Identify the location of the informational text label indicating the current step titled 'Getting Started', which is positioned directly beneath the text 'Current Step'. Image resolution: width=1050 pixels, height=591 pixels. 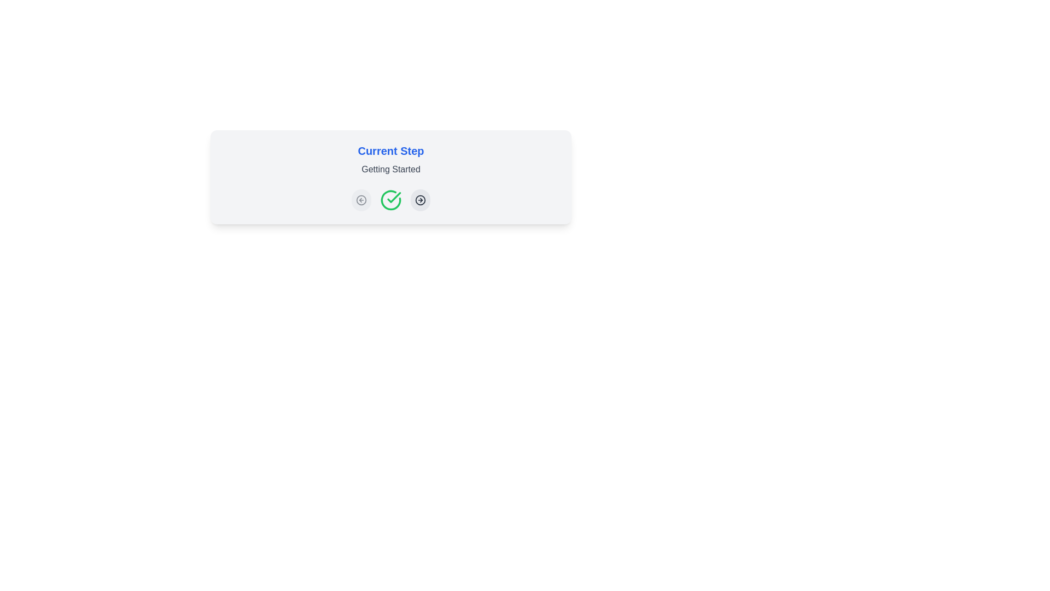
(391, 169).